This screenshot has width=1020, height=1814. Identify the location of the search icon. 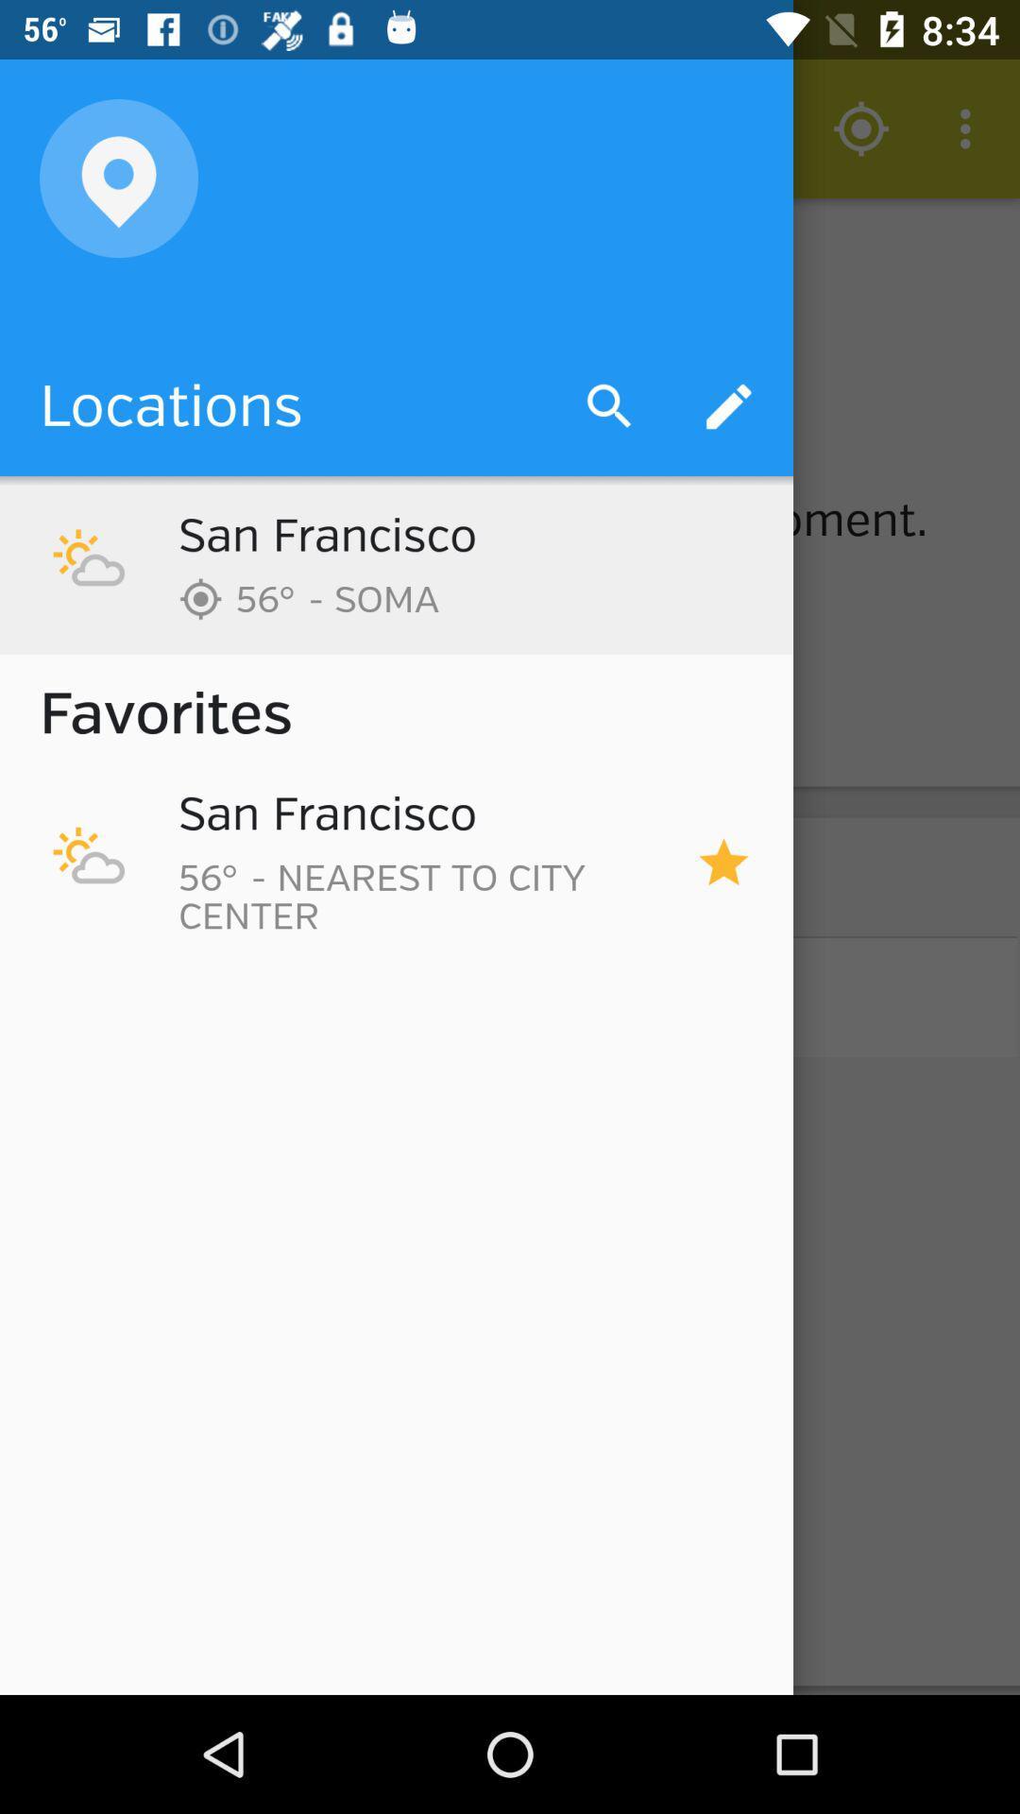
(609, 406).